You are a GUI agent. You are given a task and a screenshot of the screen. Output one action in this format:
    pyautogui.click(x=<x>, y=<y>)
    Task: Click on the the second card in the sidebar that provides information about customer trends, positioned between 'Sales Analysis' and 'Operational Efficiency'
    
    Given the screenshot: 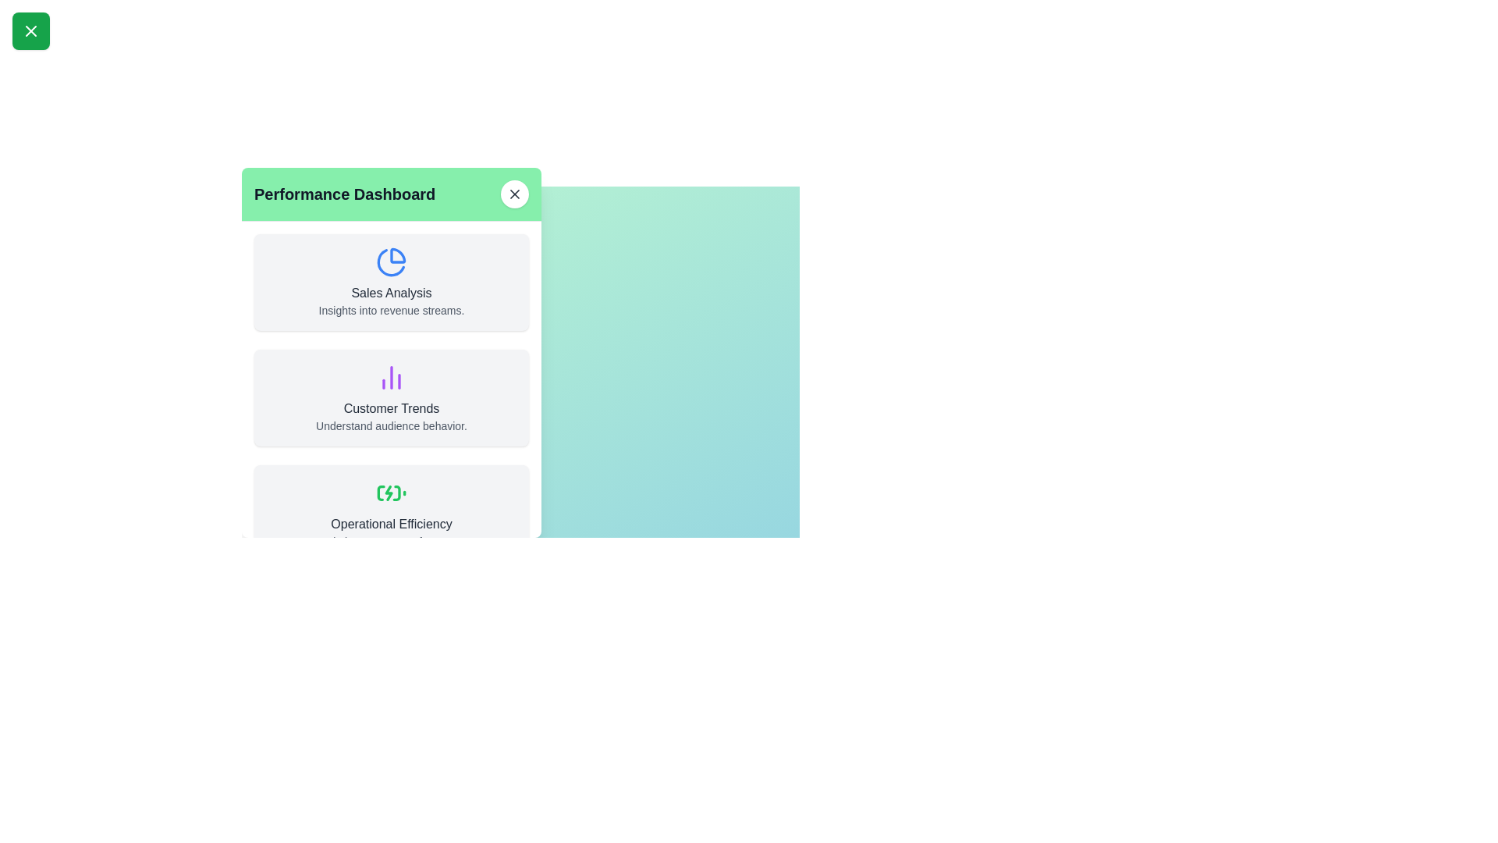 What is the action you would take?
    pyautogui.click(x=392, y=352)
    